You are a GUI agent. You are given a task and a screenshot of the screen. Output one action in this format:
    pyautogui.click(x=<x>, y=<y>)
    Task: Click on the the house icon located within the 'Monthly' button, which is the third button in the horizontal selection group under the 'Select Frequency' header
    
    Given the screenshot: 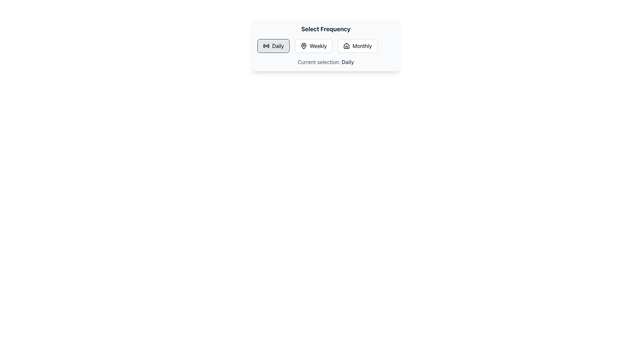 What is the action you would take?
    pyautogui.click(x=346, y=45)
    